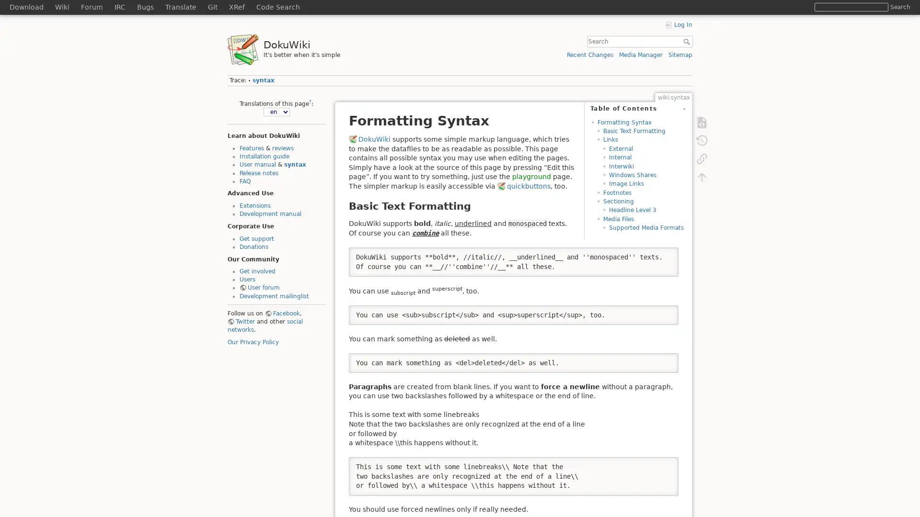 This screenshot has width=920, height=517. What do you see at coordinates (687, 41) in the screenshot?
I see `Search` at bounding box center [687, 41].